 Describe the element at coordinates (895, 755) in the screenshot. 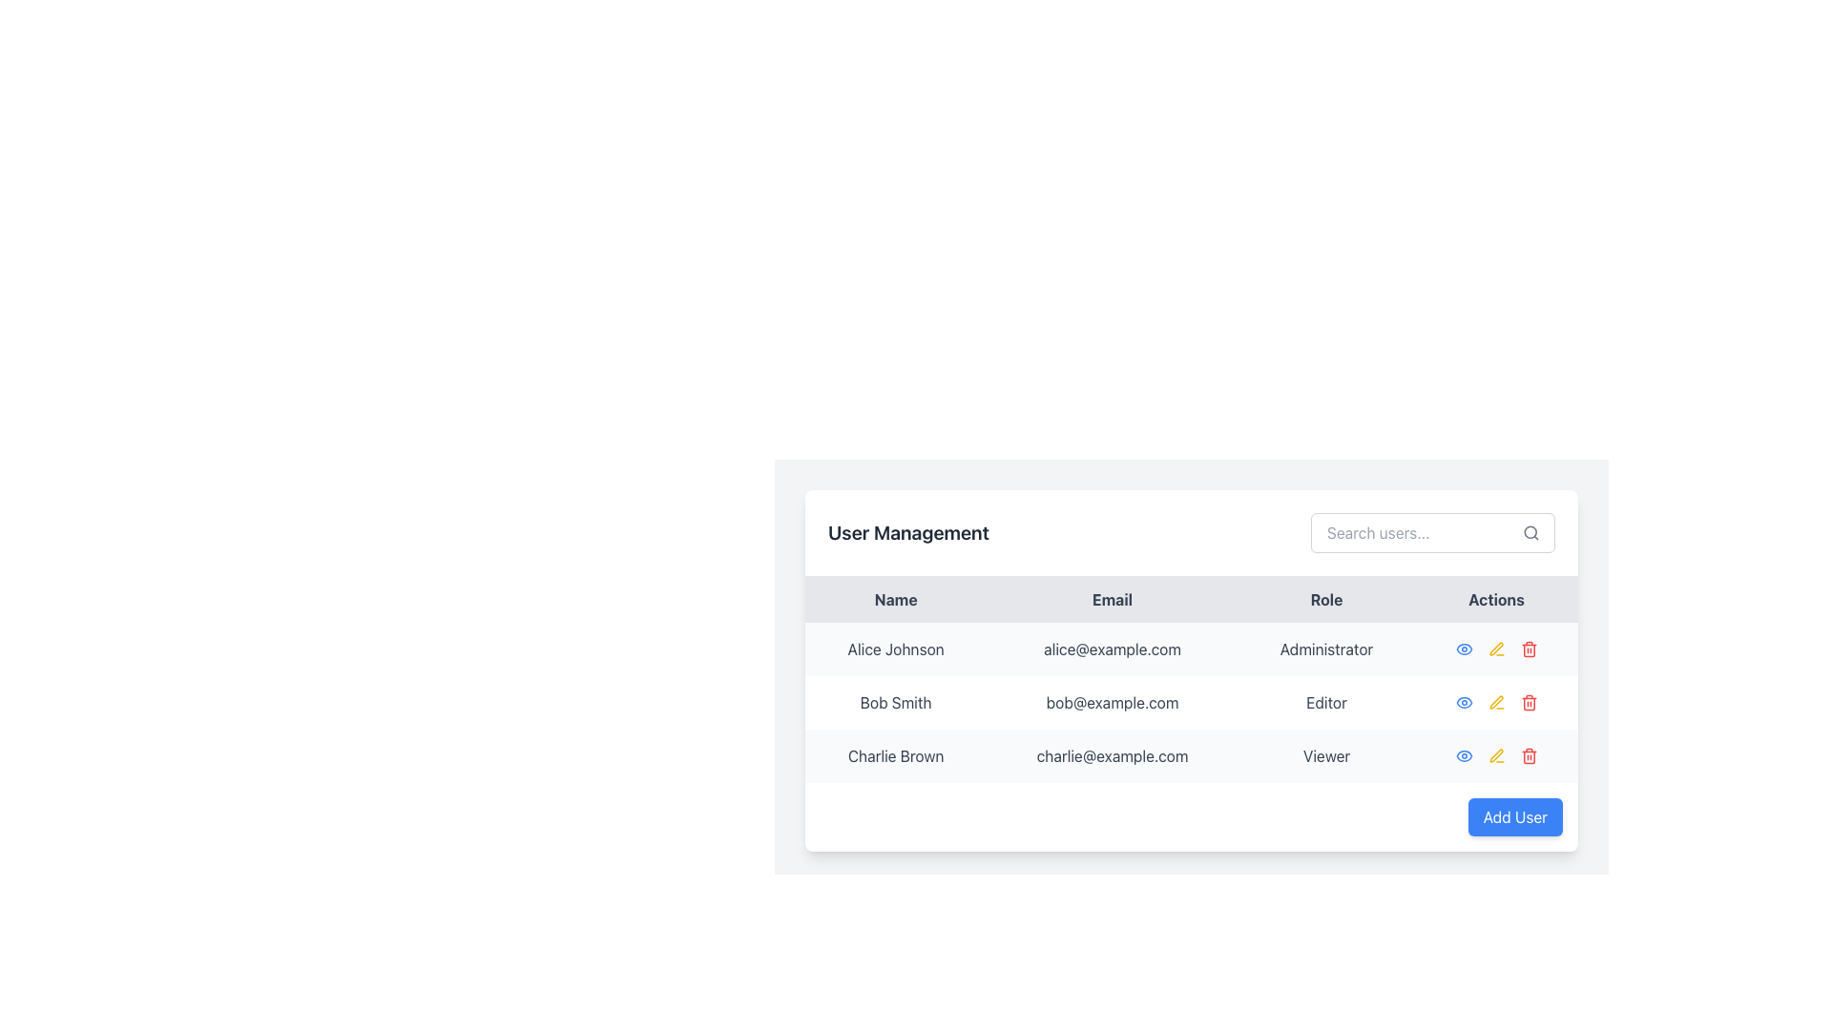

I see `the static text label displaying the user name 'Charlie Brown', located under the 'User Management' header in the last row of the table` at that location.